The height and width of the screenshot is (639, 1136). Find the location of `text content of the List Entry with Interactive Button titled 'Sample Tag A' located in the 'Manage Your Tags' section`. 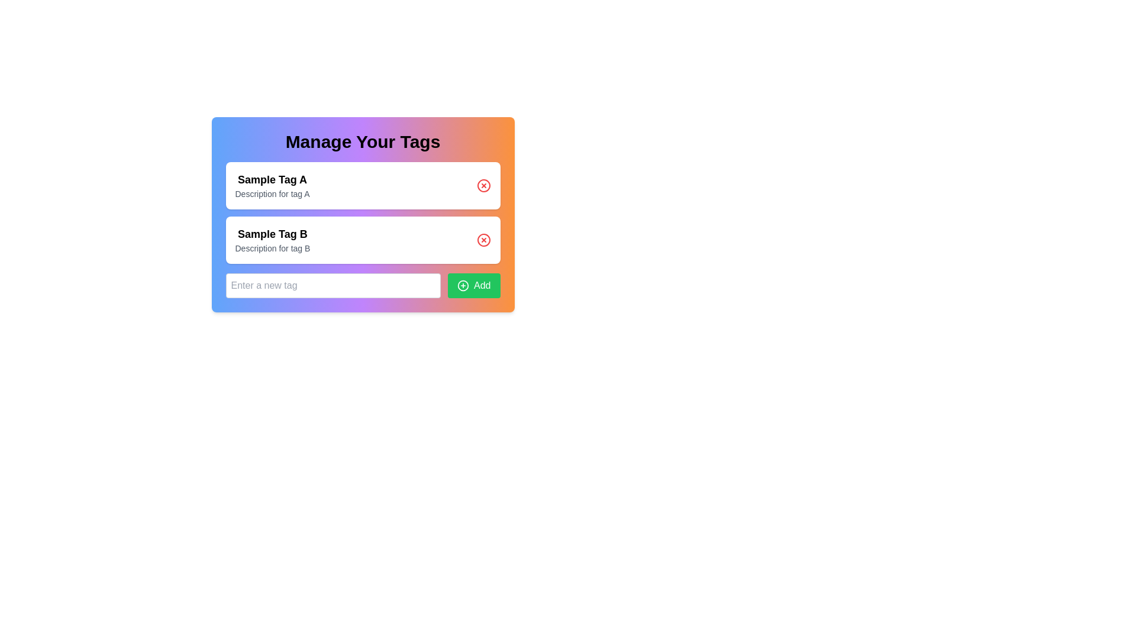

text content of the List Entry with Interactive Button titled 'Sample Tag A' located in the 'Manage Your Tags' section is located at coordinates (362, 212).